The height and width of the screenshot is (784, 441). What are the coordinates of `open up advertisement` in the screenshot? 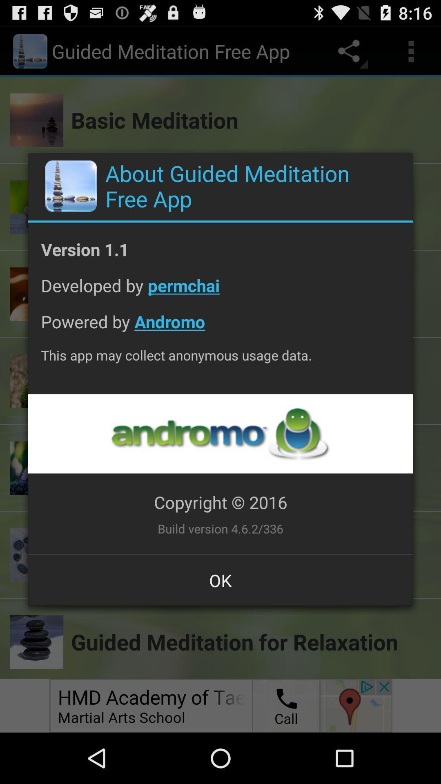 It's located at (220, 433).